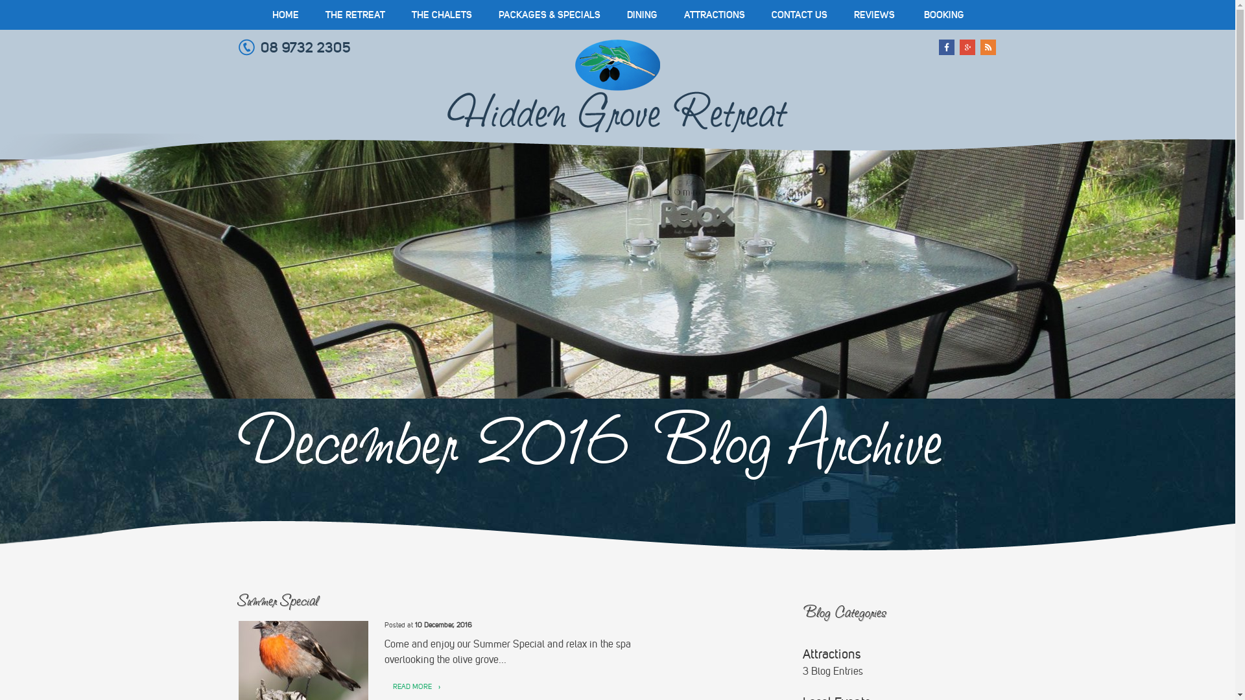 The height and width of the screenshot is (700, 1245). I want to click on 'BOOKING', so click(943, 15).